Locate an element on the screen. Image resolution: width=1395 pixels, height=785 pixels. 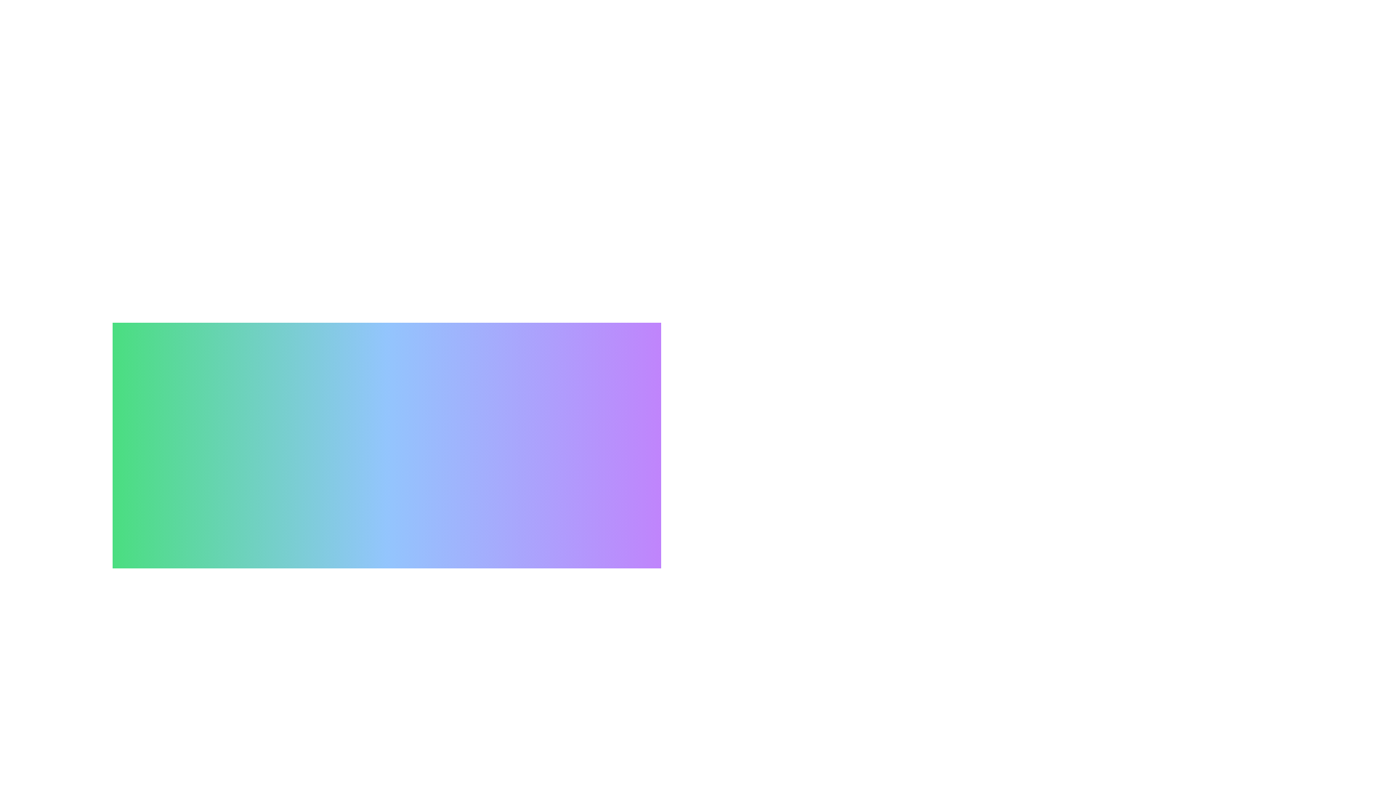
the preference Reading to observe visual feedback is located at coordinates (163, 710).